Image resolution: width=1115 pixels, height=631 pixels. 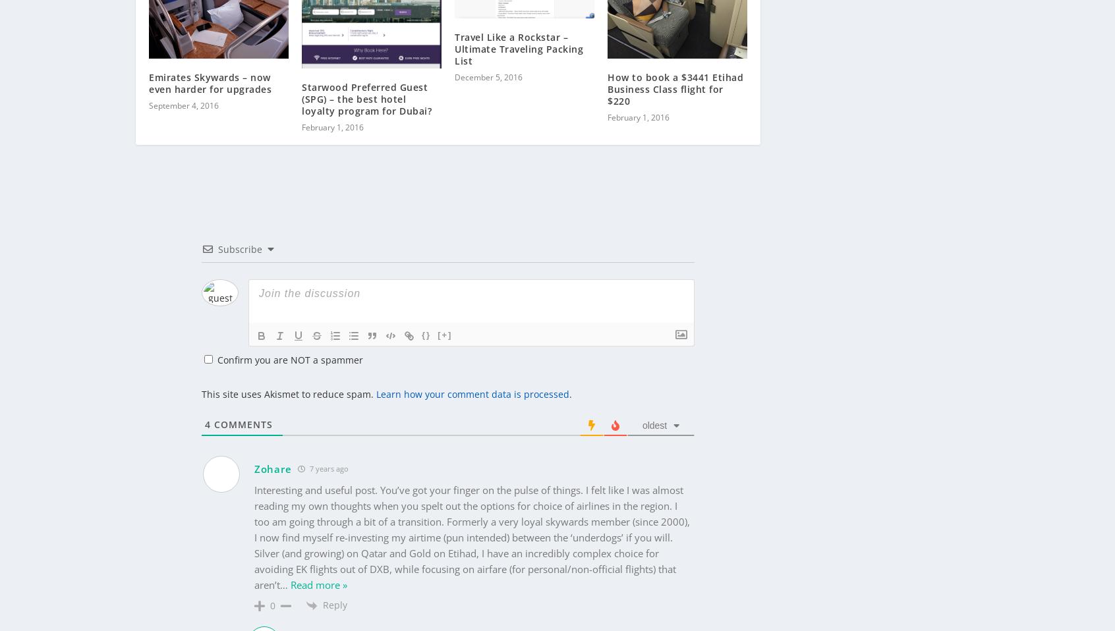 What do you see at coordinates (654, 404) in the screenshot?
I see `'oldest'` at bounding box center [654, 404].